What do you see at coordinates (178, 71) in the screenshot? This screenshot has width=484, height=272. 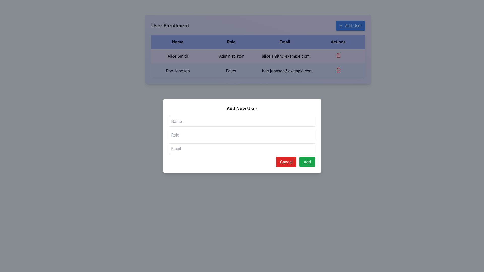 I see `the text label displaying the name 'Bob Johnson', located in the second row of the table under the 'Name' column, for accessibility purposes` at bounding box center [178, 71].